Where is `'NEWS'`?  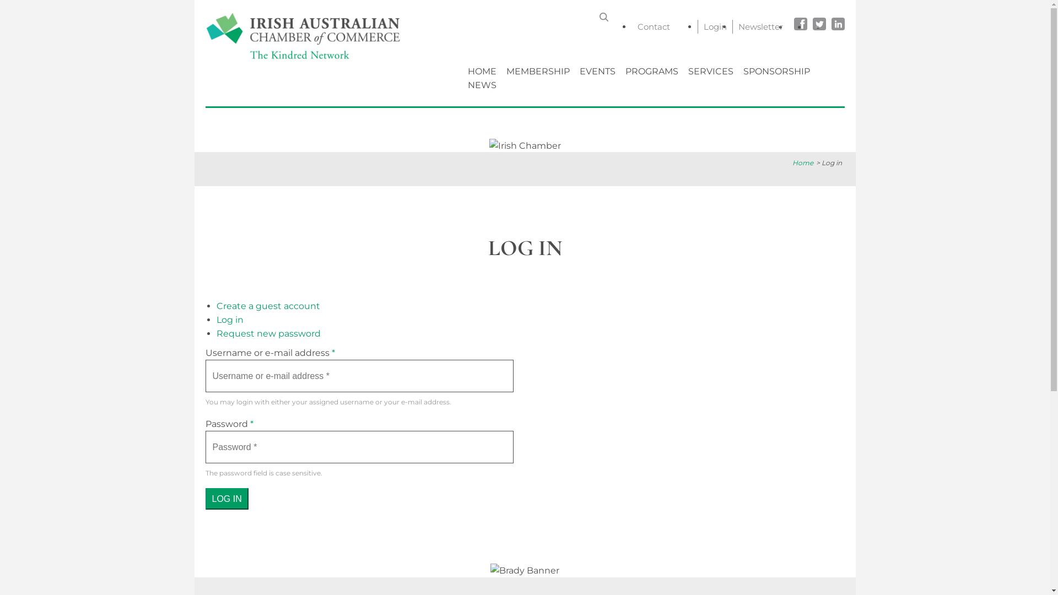 'NEWS' is located at coordinates (463, 84).